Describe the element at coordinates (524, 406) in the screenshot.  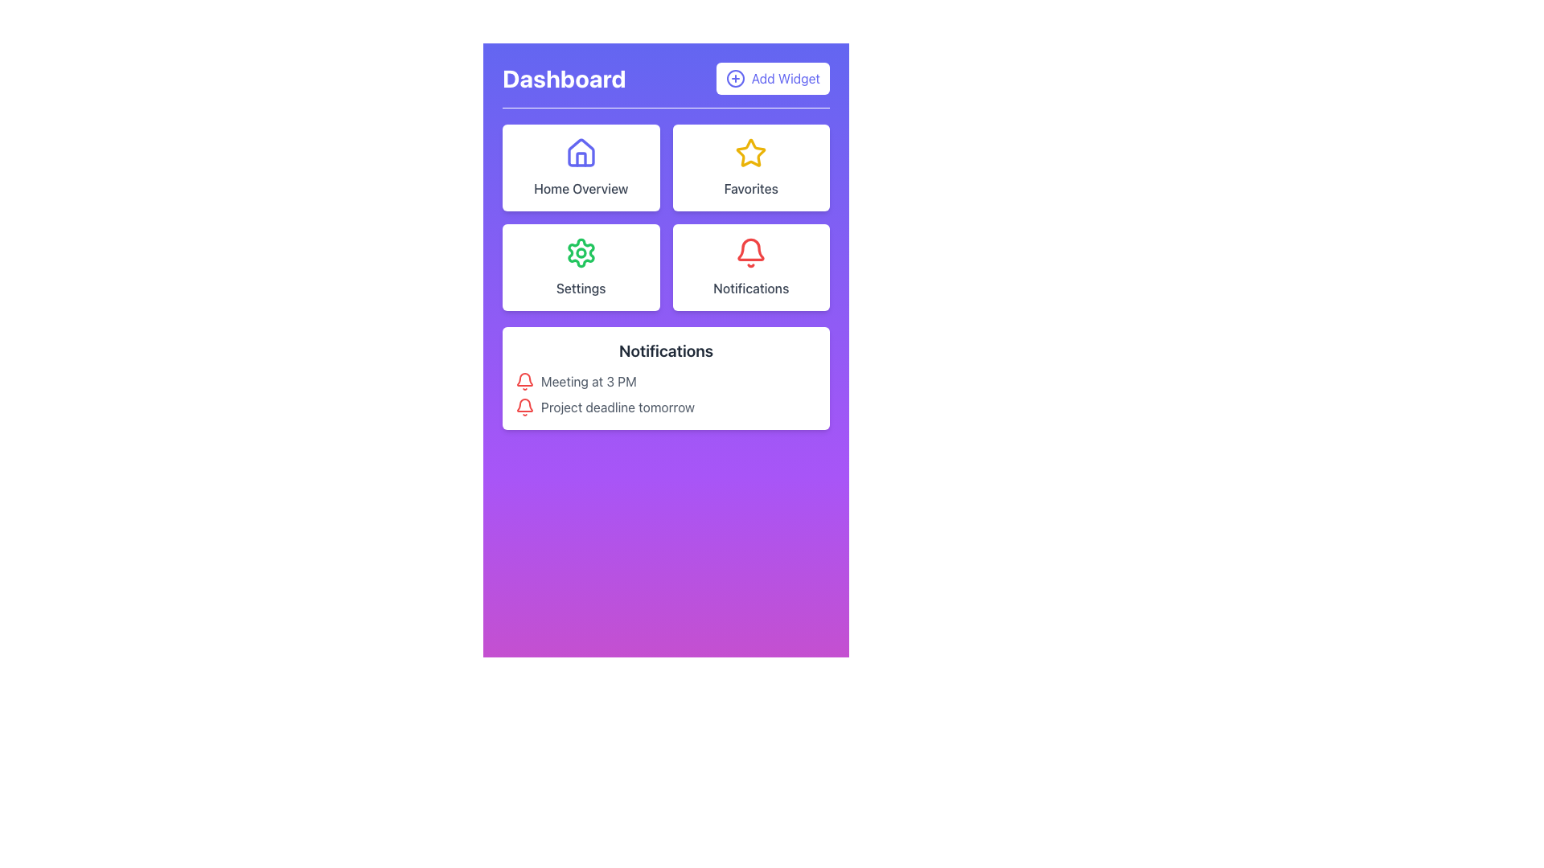
I see `the red bell icon representing notifications, located adjacent to the text 'Project deadline tomorrow'` at that location.